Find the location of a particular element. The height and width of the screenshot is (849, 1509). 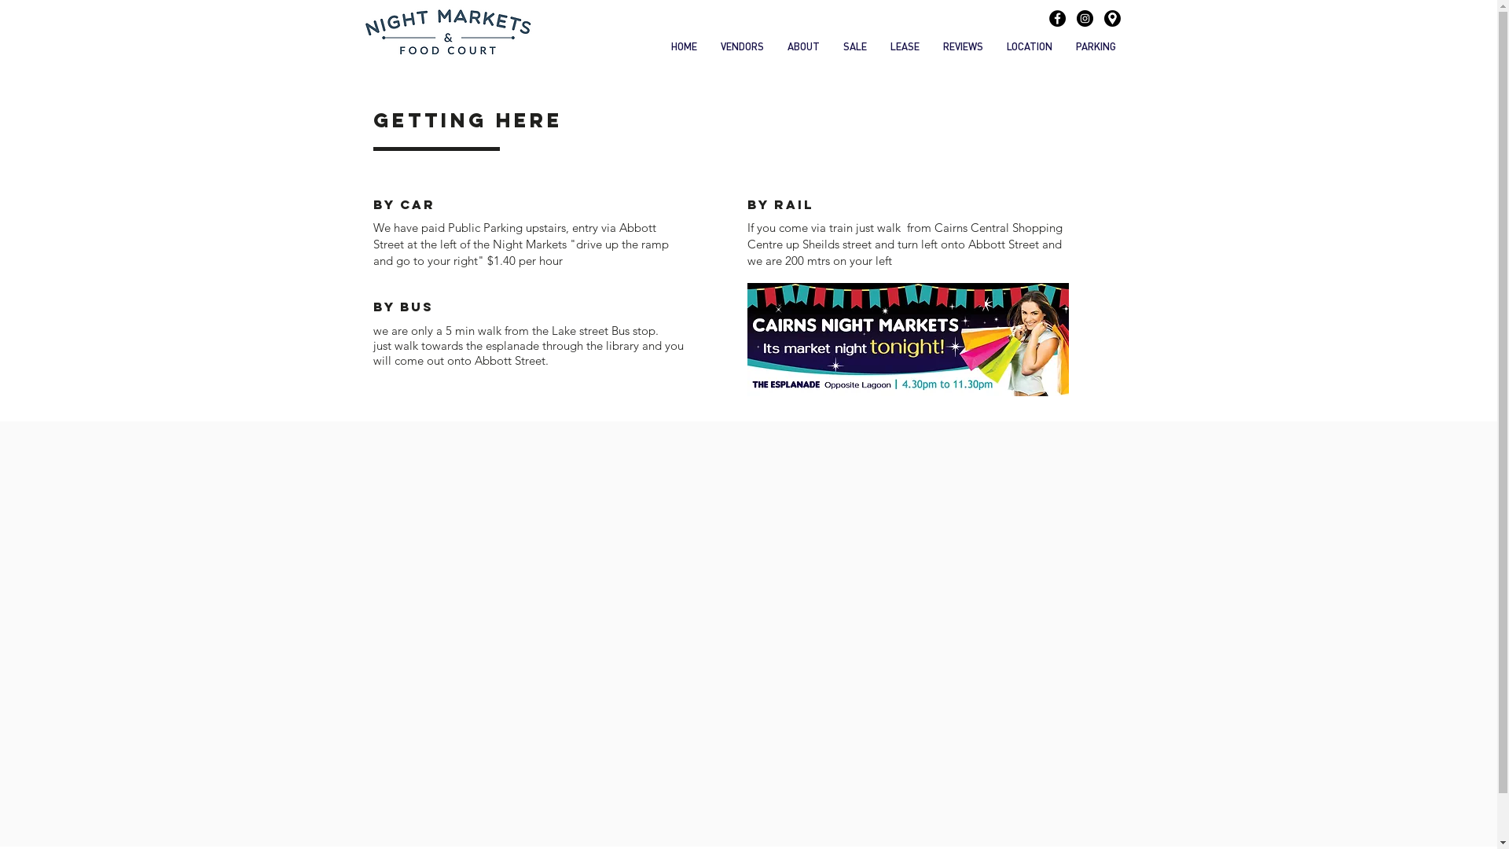

'LOCATION' is located at coordinates (1030, 45).